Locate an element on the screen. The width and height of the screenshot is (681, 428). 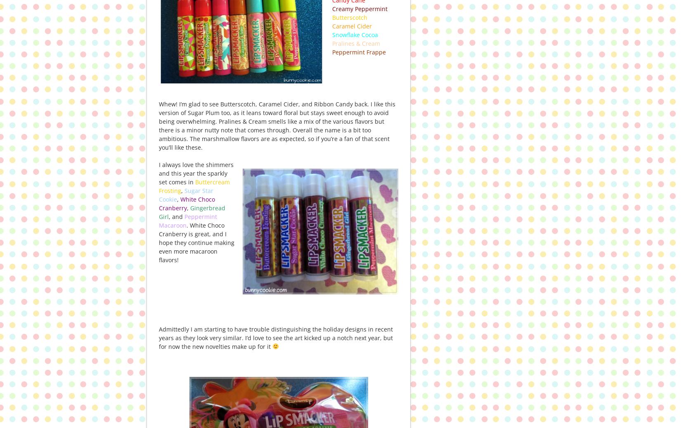
'Admittedly I am starting to have trouble distinguishing the holiday designs in recent years as they look very similar. I’d love to see the art kicked up a notch next year, but for now the new novelties make up for it' is located at coordinates (275, 337).